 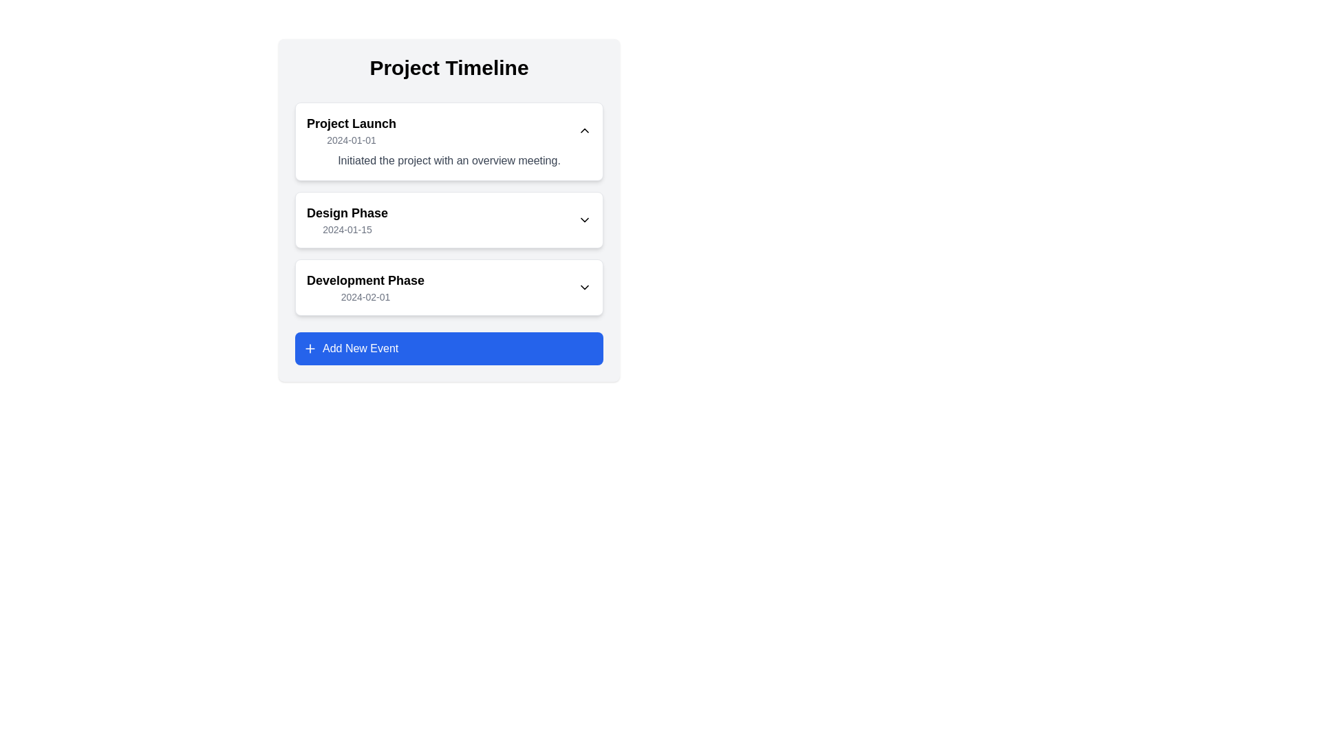 What do you see at coordinates (347, 213) in the screenshot?
I see `the Text Label that summarizes the phase of the project, which is located in the middle section of the timeline interface, directly above the date '2024-01-15'` at bounding box center [347, 213].